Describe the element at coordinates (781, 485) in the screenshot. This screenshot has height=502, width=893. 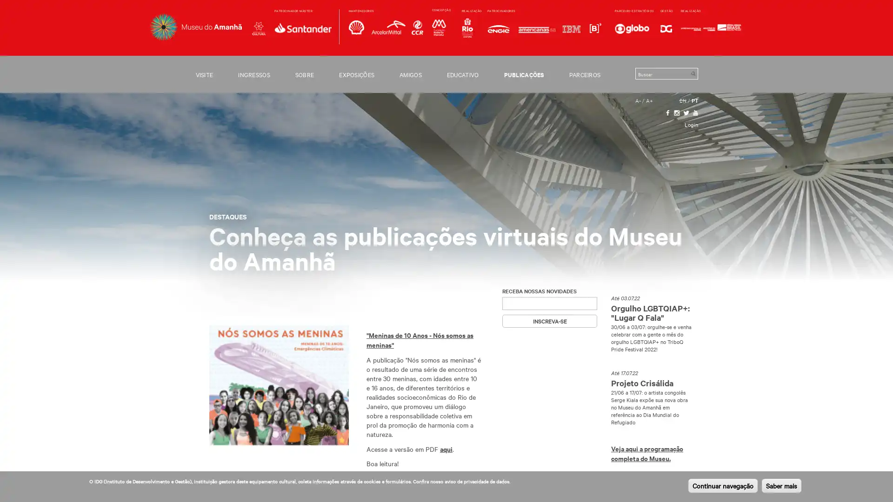
I see `Saber mais` at that location.